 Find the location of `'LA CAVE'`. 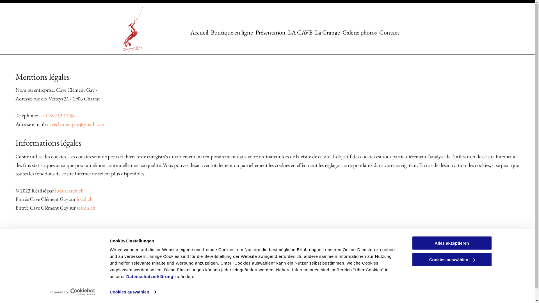

'LA CAVE' is located at coordinates (300, 32).